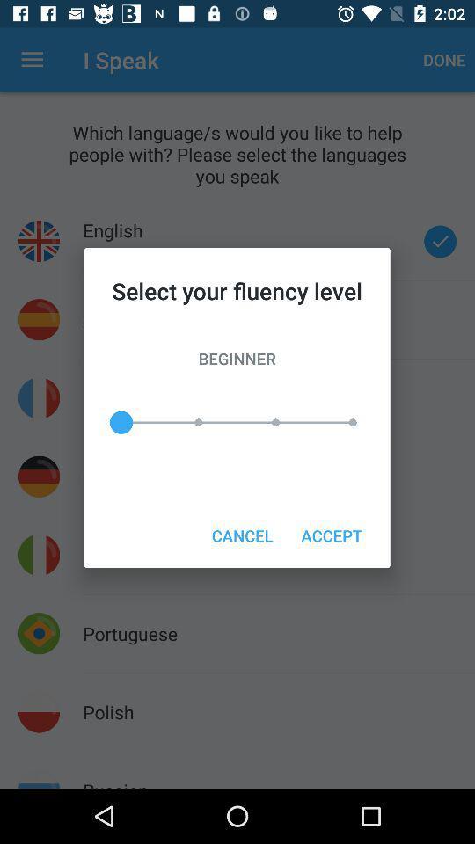 The height and width of the screenshot is (844, 475). What do you see at coordinates (332, 535) in the screenshot?
I see `the item next to the cancel item` at bounding box center [332, 535].